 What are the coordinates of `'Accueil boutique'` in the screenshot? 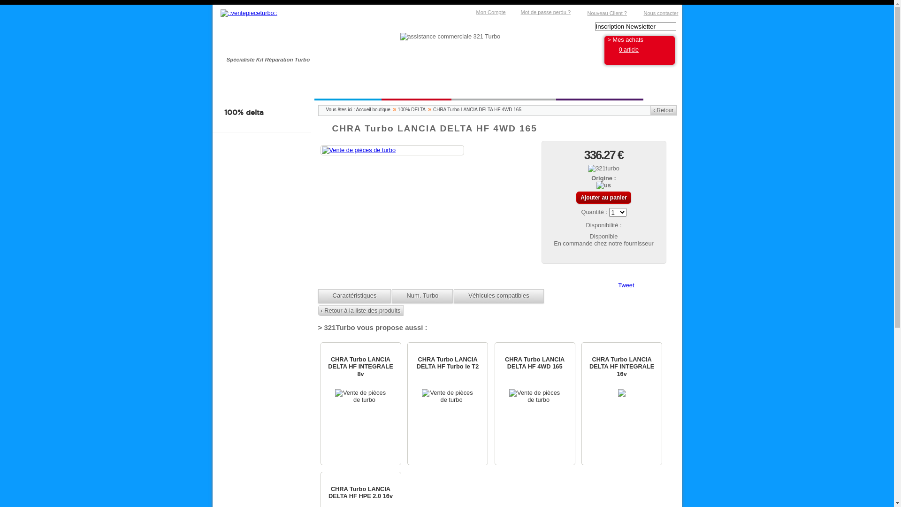 It's located at (375, 109).